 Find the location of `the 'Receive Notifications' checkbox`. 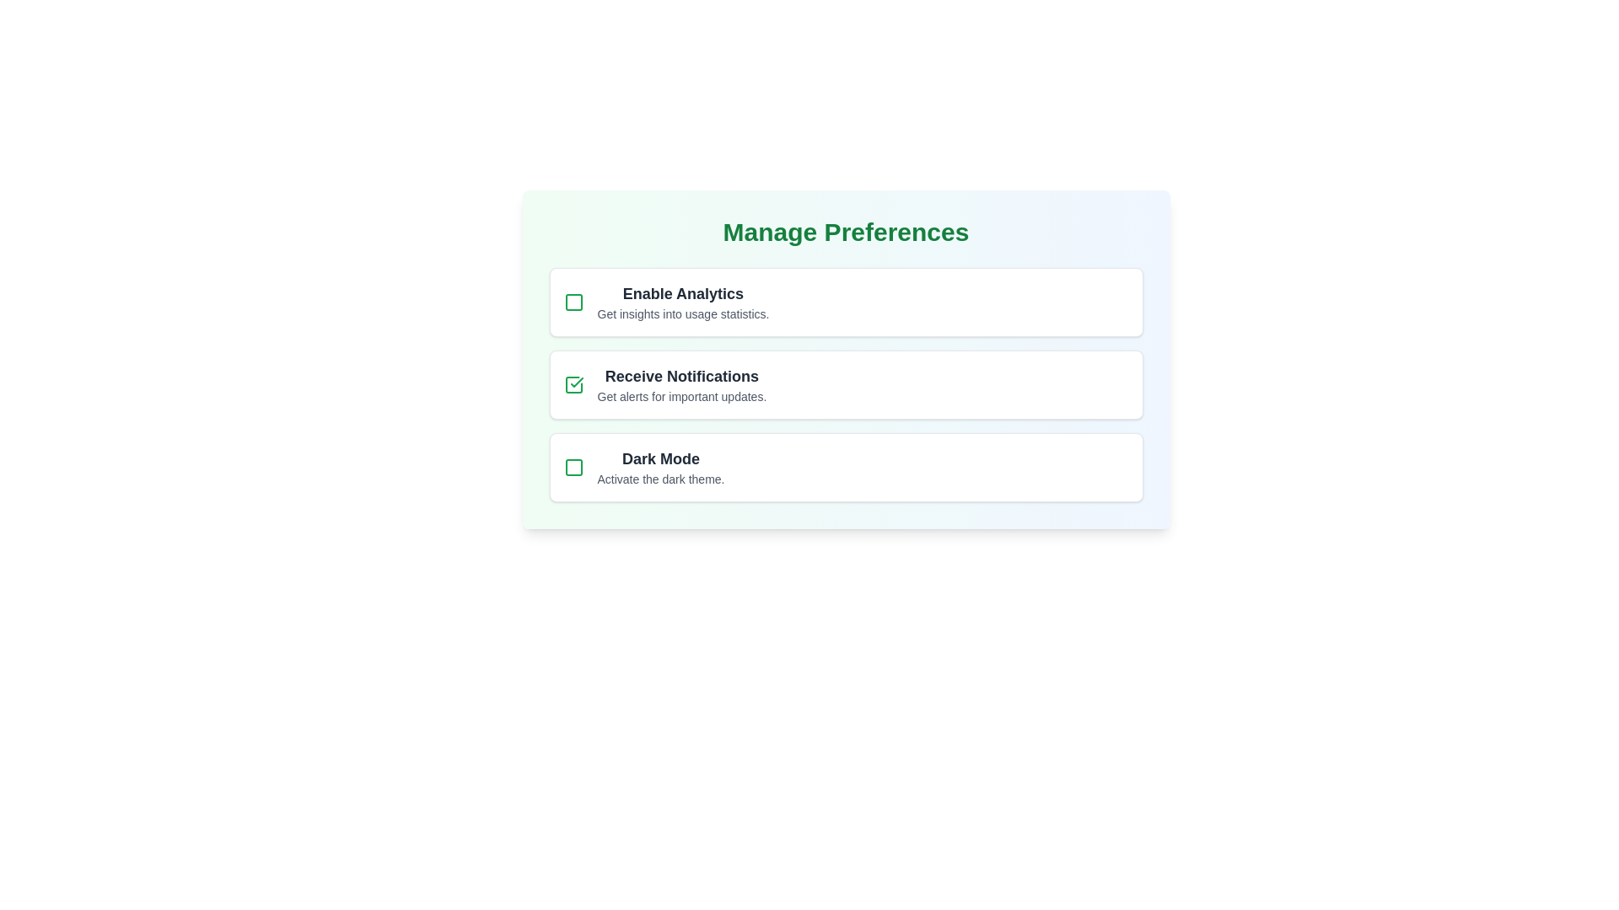

the 'Receive Notifications' checkbox is located at coordinates (573, 384).